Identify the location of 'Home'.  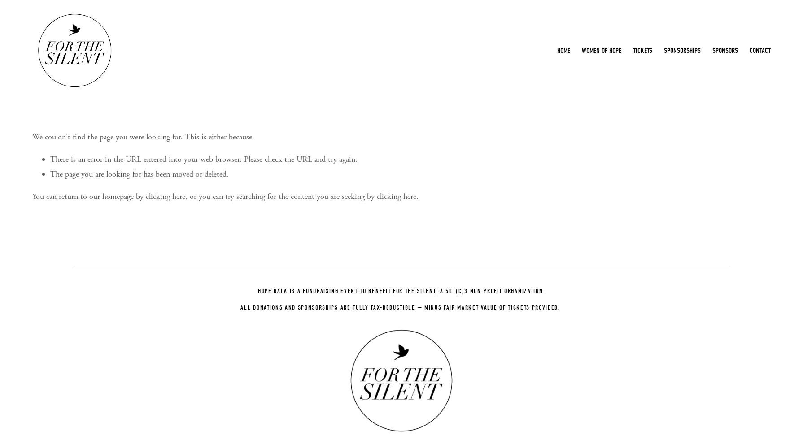
(563, 50).